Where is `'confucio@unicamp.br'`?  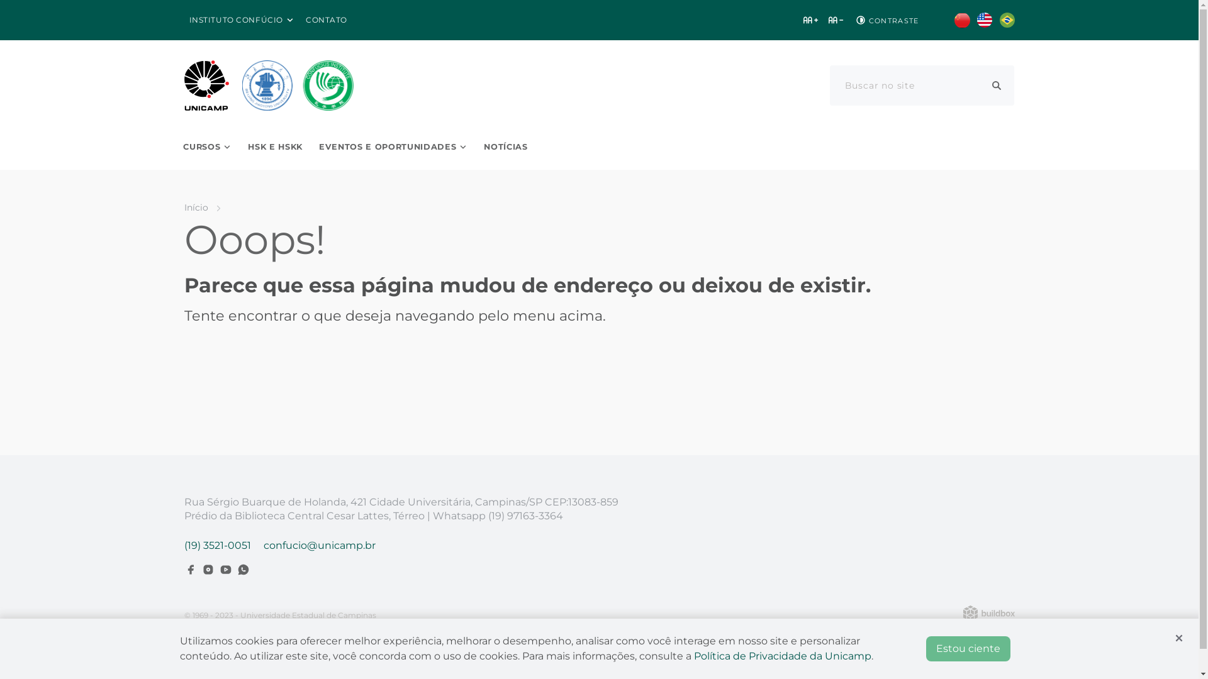
'confucio@unicamp.br' is located at coordinates (262, 544).